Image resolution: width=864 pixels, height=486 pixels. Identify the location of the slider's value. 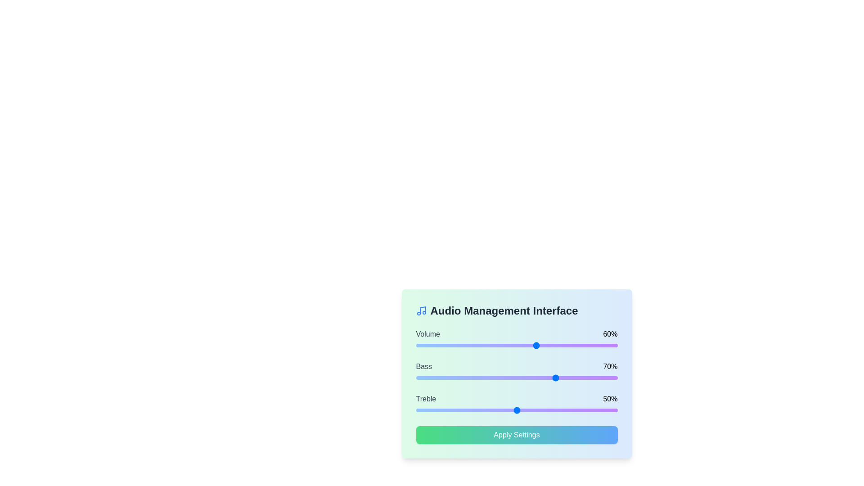
(568, 345).